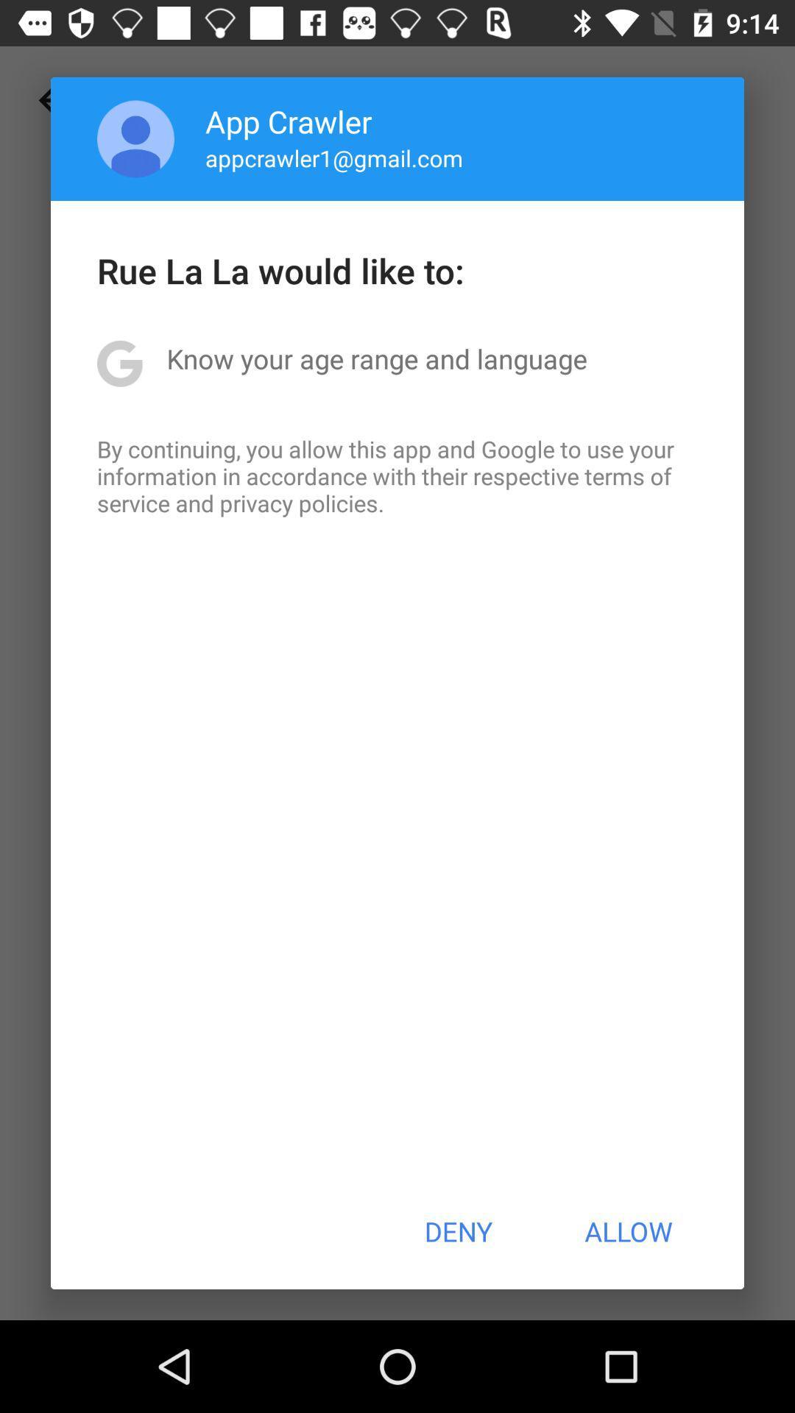  Describe the element at coordinates (376, 358) in the screenshot. I see `the app above by continuing you item` at that location.